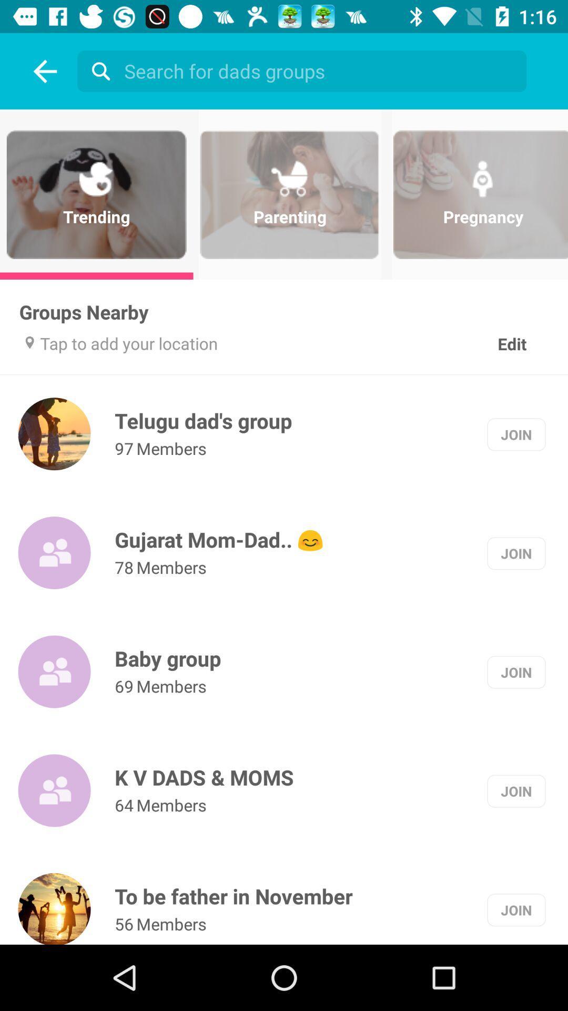  What do you see at coordinates (55, 553) in the screenshot?
I see `the group symbol beside gujarat momdad` at bounding box center [55, 553].